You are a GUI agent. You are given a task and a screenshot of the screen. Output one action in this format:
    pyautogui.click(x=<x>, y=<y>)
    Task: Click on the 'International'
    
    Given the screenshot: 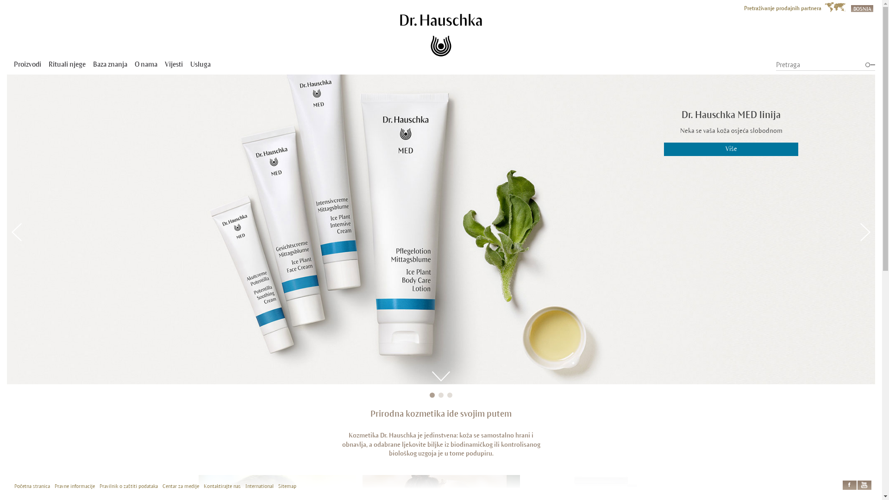 What is the action you would take?
    pyautogui.click(x=259, y=486)
    